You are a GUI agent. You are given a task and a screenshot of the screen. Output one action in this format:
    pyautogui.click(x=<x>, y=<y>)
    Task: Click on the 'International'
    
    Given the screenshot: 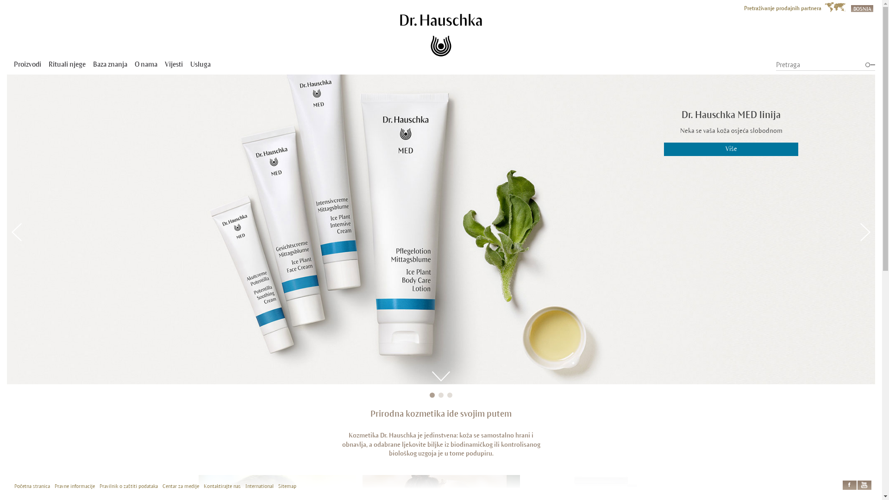 What is the action you would take?
    pyautogui.click(x=259, y=486)
    